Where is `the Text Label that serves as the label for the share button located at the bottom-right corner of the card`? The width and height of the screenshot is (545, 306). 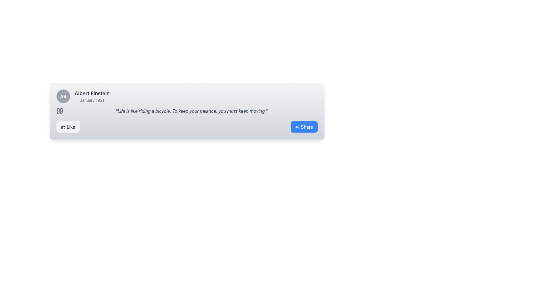
the Text Label that serves as the label for the share button located at the bottom-right corner of the card is located at coordinates (306, 126).